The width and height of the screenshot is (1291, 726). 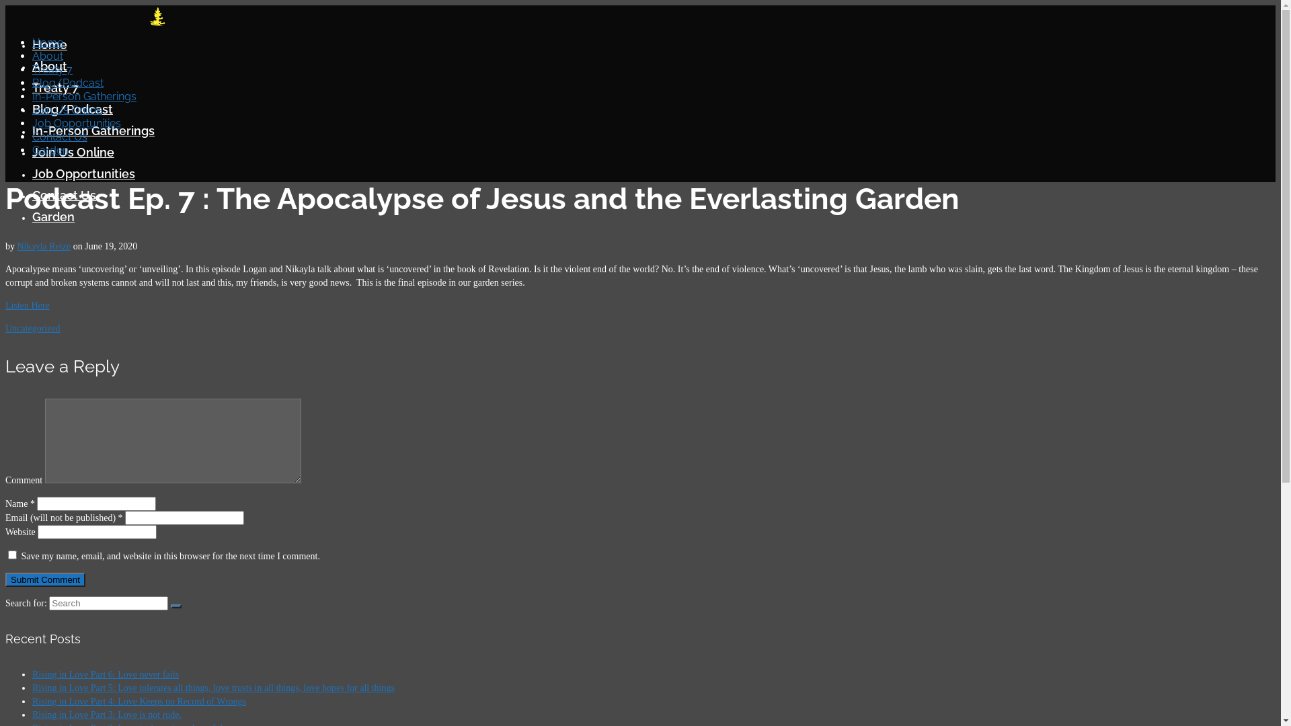 What do you see at coordinates (54, 87) in the screenshot?
I see `'Treaty 7'` at bounding box center [54, 87].